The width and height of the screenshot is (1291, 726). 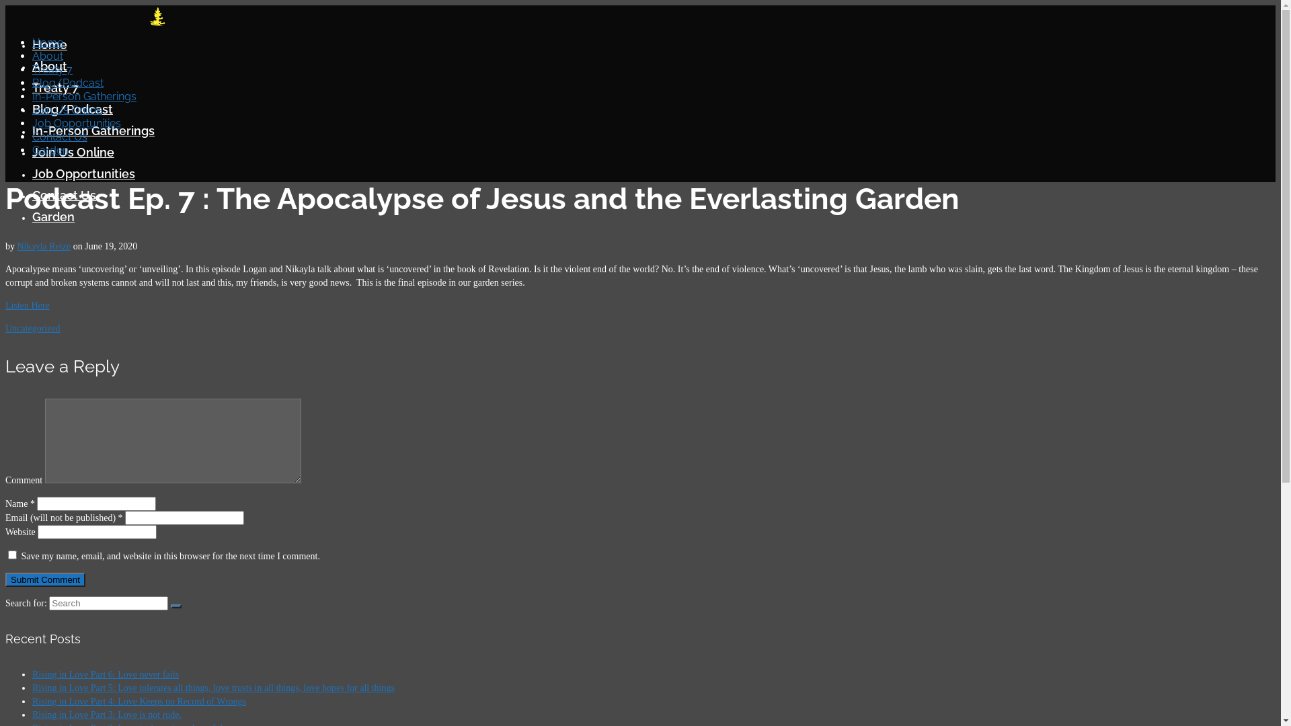 What do you see at coordinates (54, 87) in the screenshot?
I see `'Treaty 7'` at bounding box center [54, 87].